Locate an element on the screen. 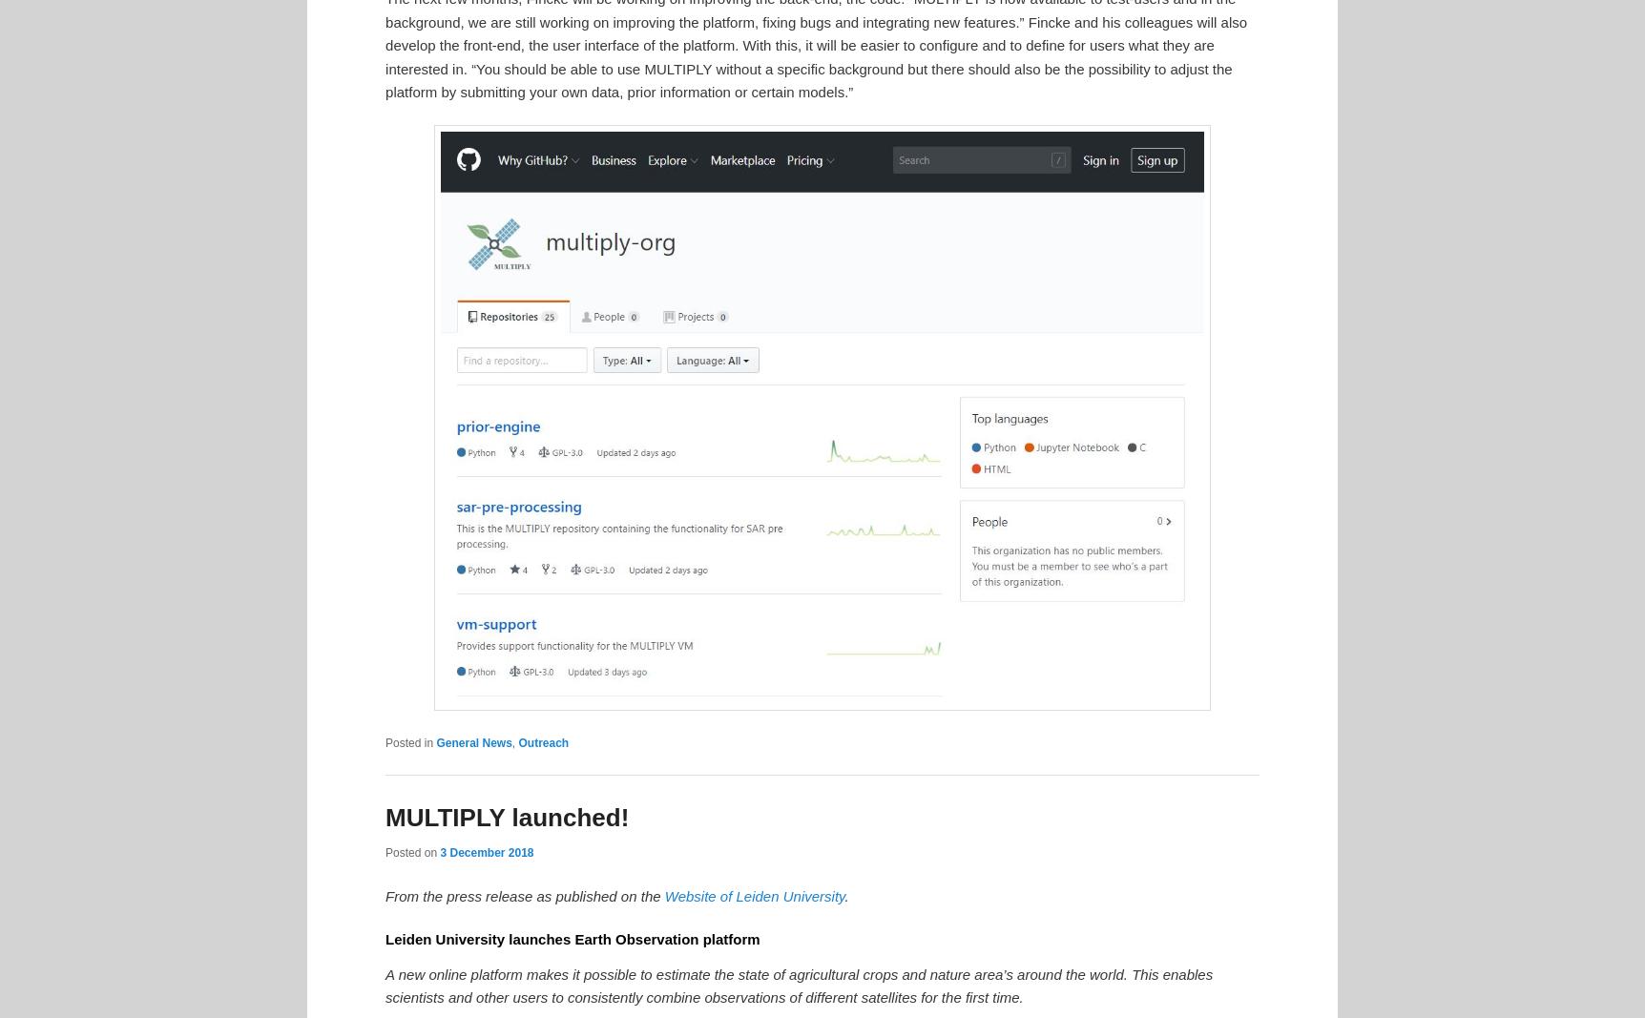  'General News' is located at coordinates (473, 740).